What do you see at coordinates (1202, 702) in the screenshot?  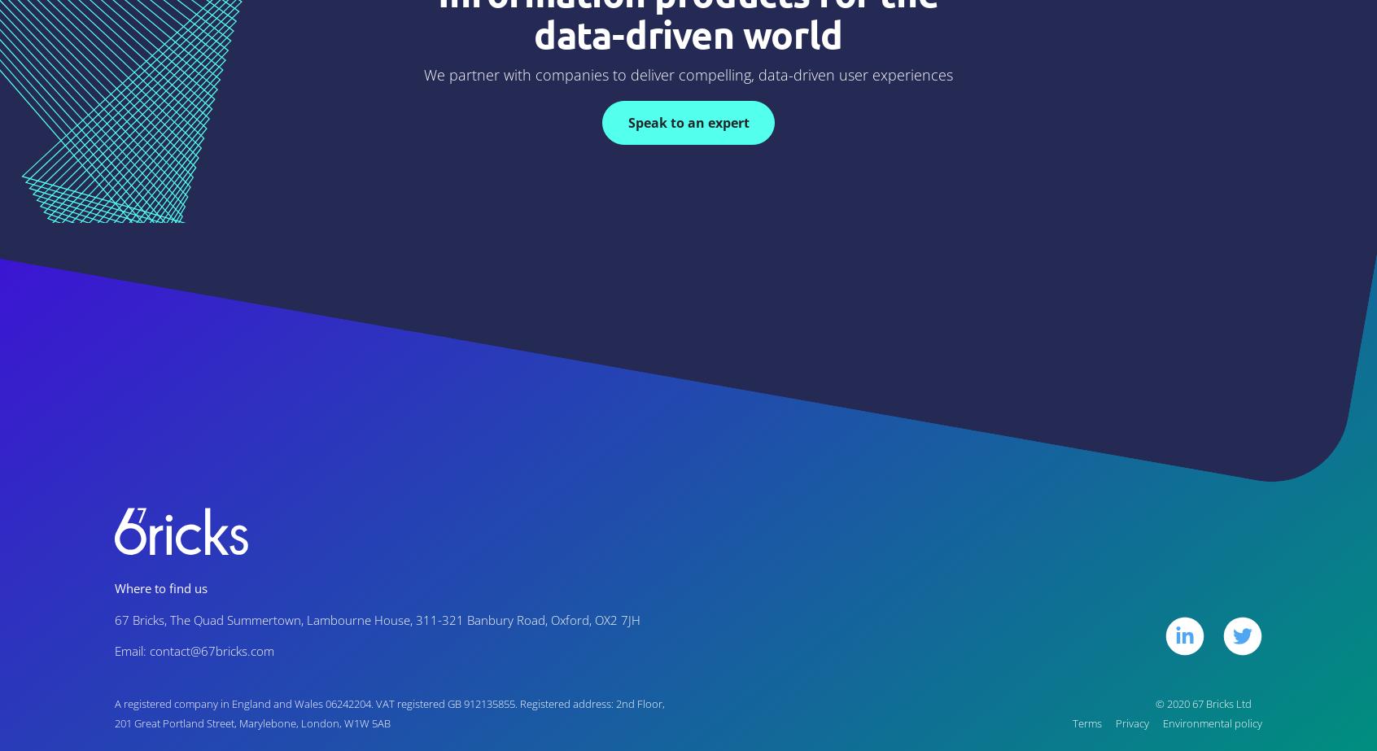 I see `'© 2020 67 Bricks Ltd'` at bounding box center [1202, 702].